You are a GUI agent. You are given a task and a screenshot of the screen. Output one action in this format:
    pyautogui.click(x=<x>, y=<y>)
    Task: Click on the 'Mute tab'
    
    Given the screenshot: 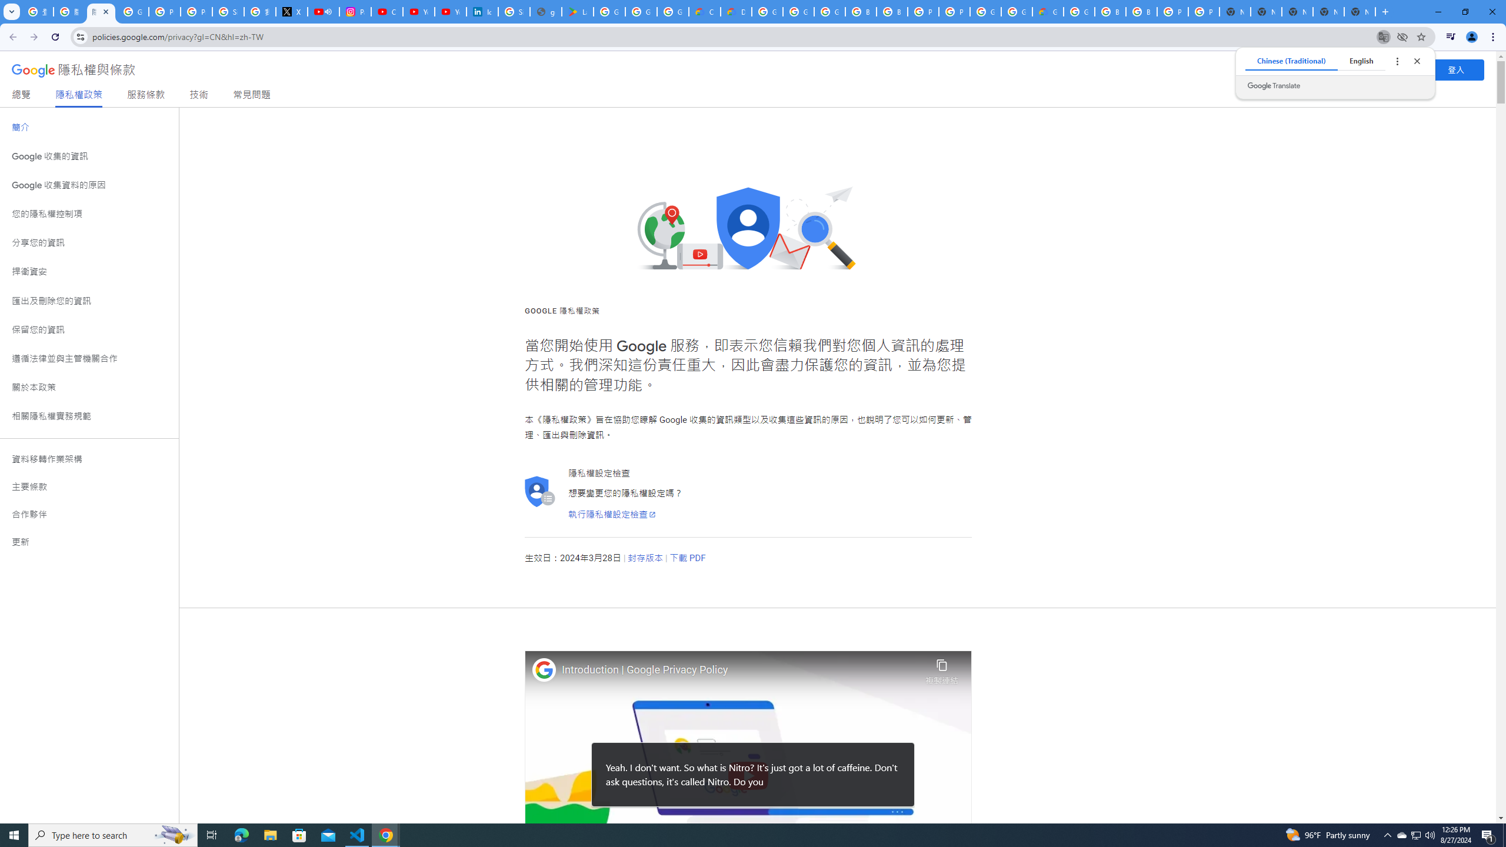 What is the action you would take?
    pyautogui.click(x=328, y=11)
    